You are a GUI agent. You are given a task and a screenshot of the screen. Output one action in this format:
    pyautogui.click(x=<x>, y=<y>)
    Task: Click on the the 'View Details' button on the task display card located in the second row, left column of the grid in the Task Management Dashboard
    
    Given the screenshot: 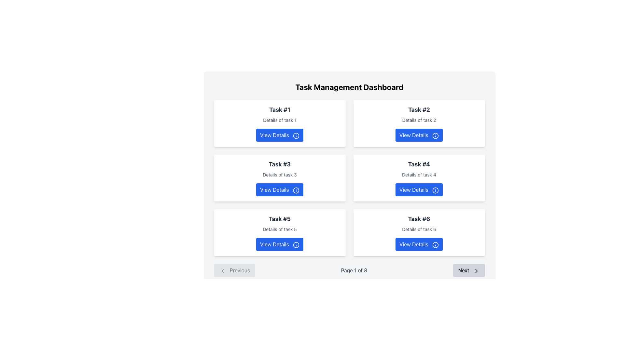 What is the action you would take?
    pyautogui.click(x=280, y=178)
    